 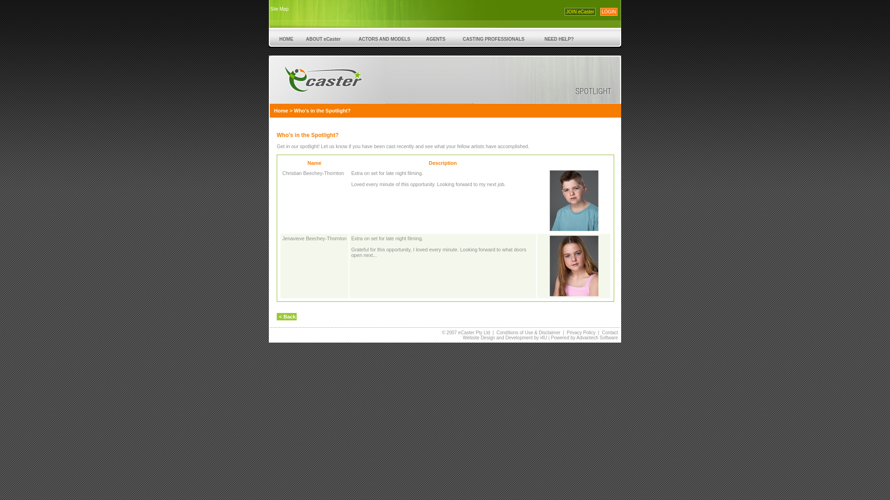 What do you see at coordinates (286, 316) in the screenshot?
I see `' < Back'` at bounding box center [286, 316].